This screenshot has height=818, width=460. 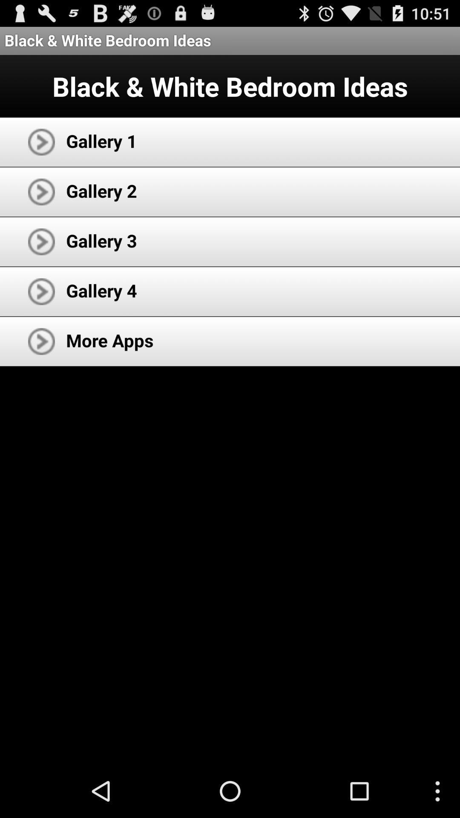 I want to click on item above the more apps, so click(x=101, y=290).